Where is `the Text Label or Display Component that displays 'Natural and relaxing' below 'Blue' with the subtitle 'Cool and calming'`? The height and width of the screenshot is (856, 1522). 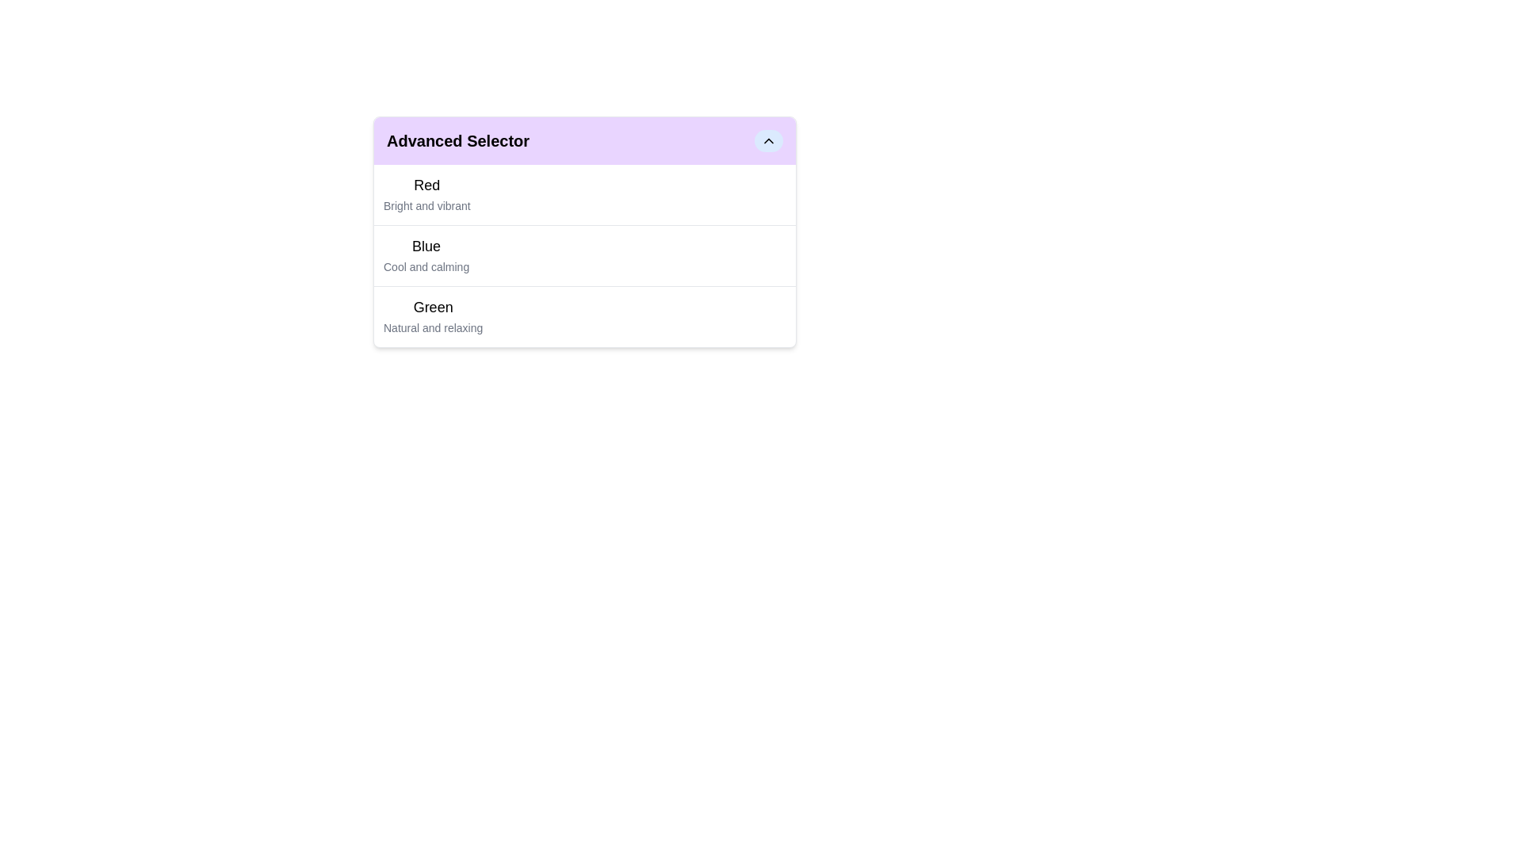
the Text Label or Display Component that displays 'Natural and relaxing' below 'Blue' with the subtitle 'Cool and calming' is located at coordinates (433, 317).